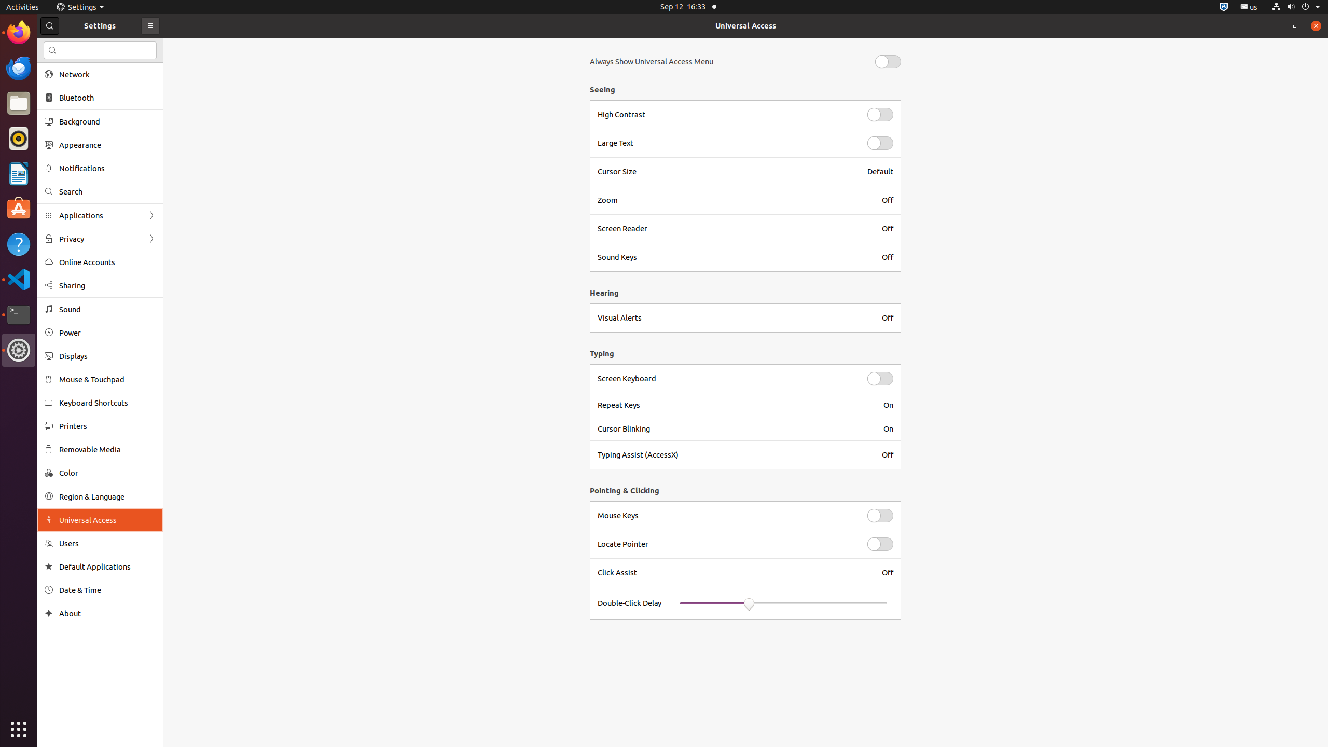  I want to click on 'Terminal', so click(19, 314).